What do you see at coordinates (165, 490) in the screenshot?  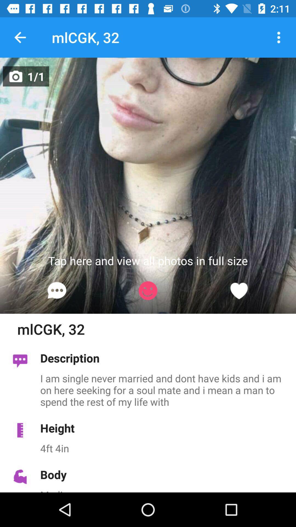 I see `medium` at bounding box center [165, 490].